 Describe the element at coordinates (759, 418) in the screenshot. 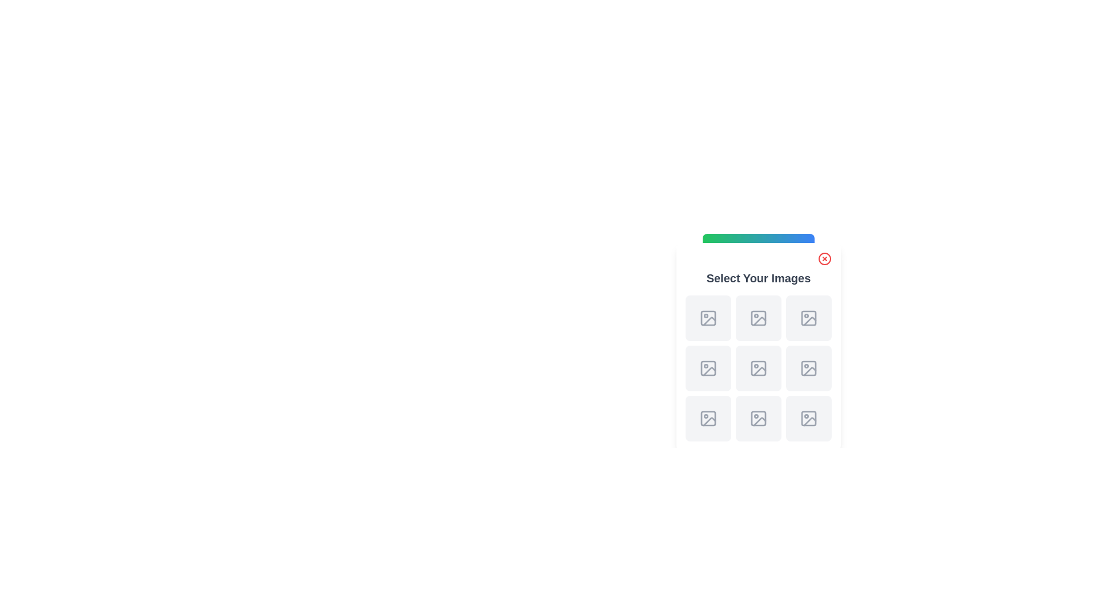

I see `the photo icon, which is a light gray square frame with circular and diagonal line accents, located at the bottom-center of a 3x3 grid layout` at that location.